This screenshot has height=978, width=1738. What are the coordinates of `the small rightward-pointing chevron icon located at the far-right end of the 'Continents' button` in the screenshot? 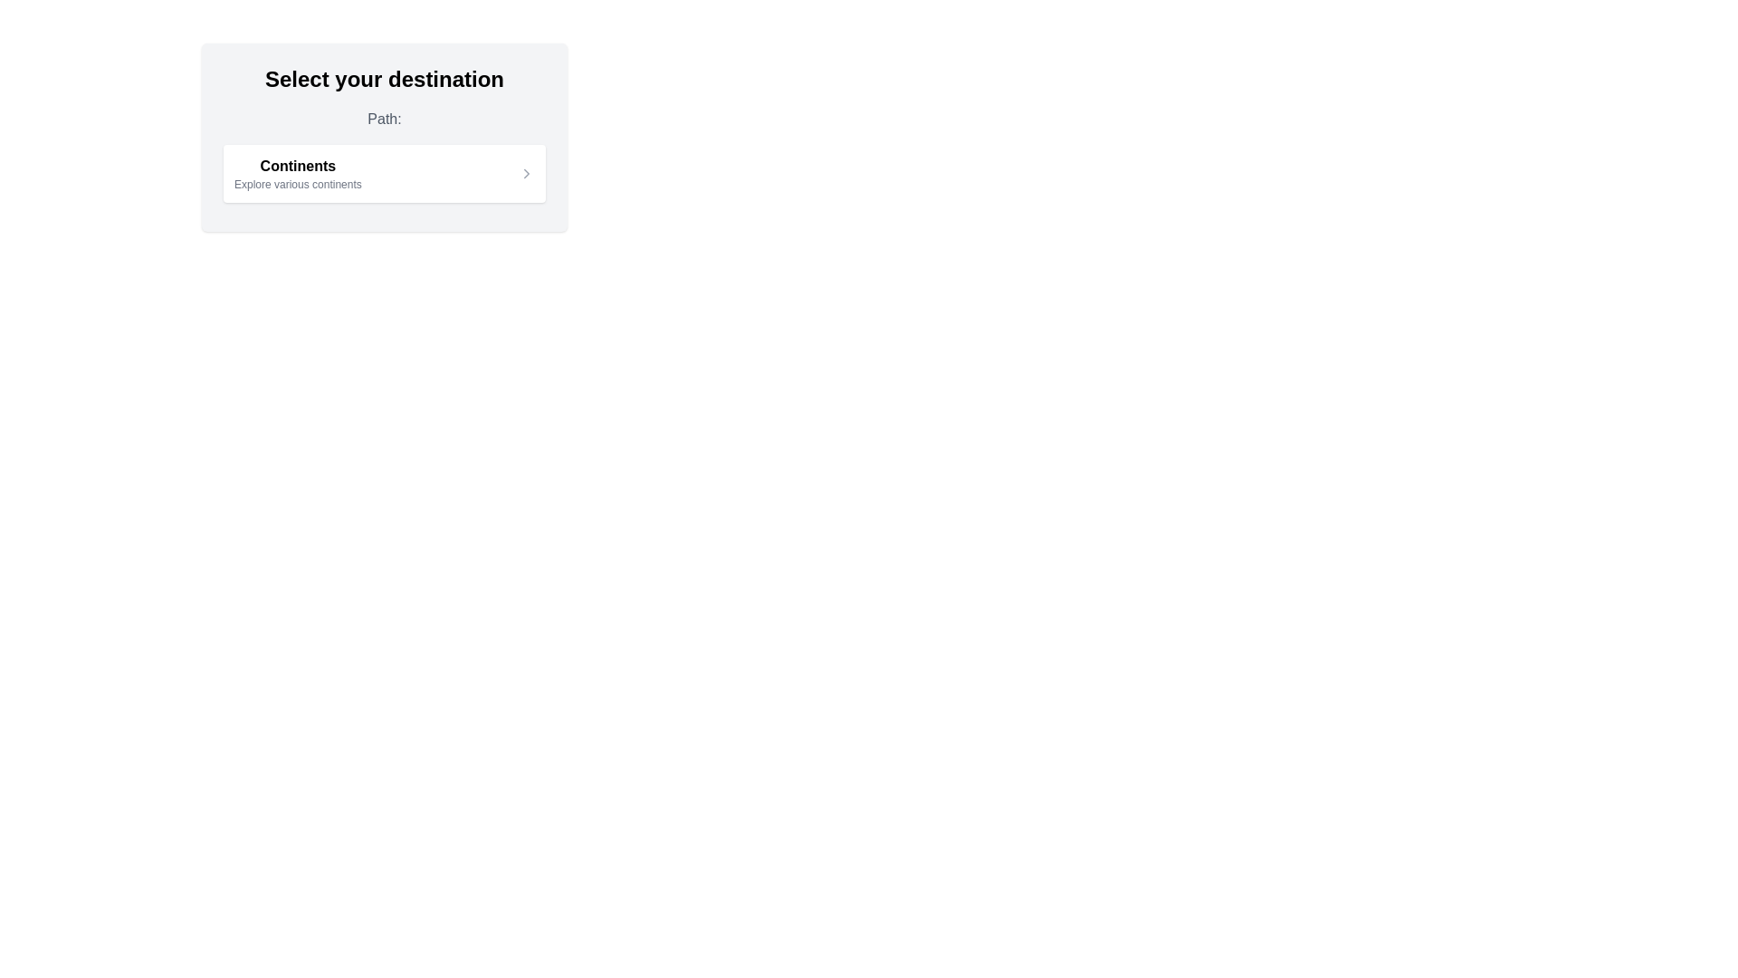 It's located at (525, 174).